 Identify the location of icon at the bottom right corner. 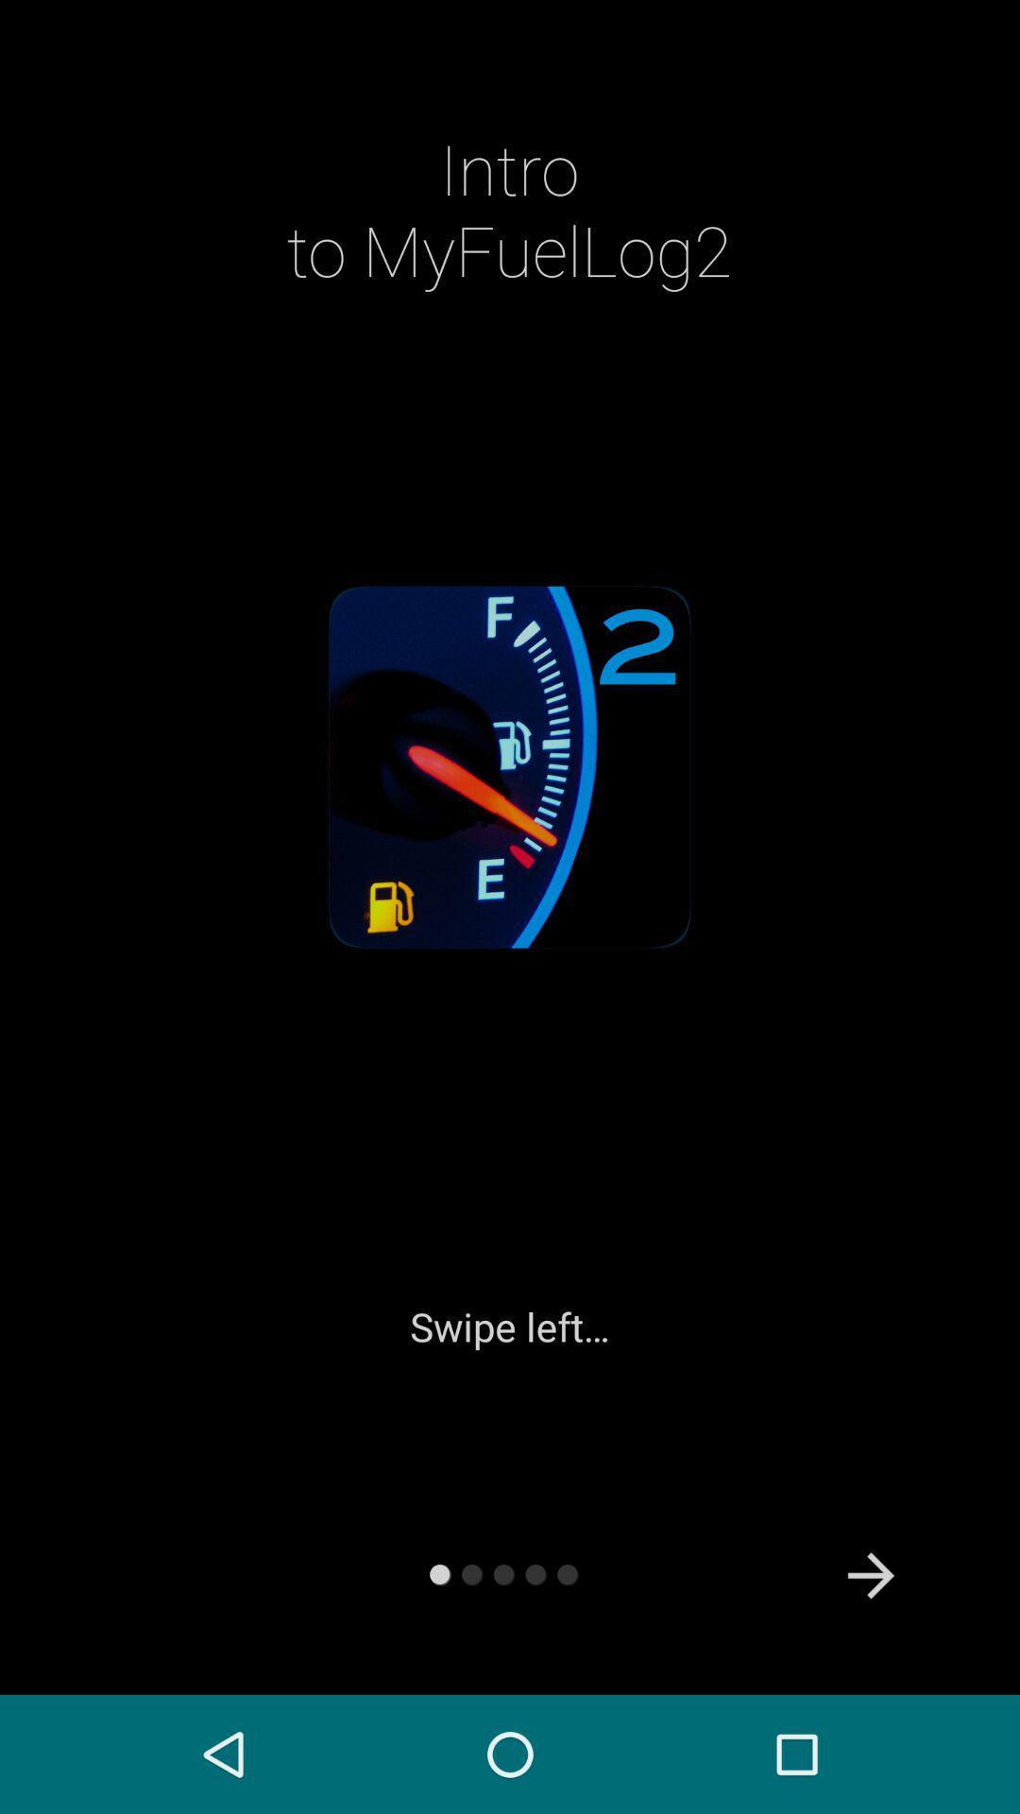
(871, 1576).